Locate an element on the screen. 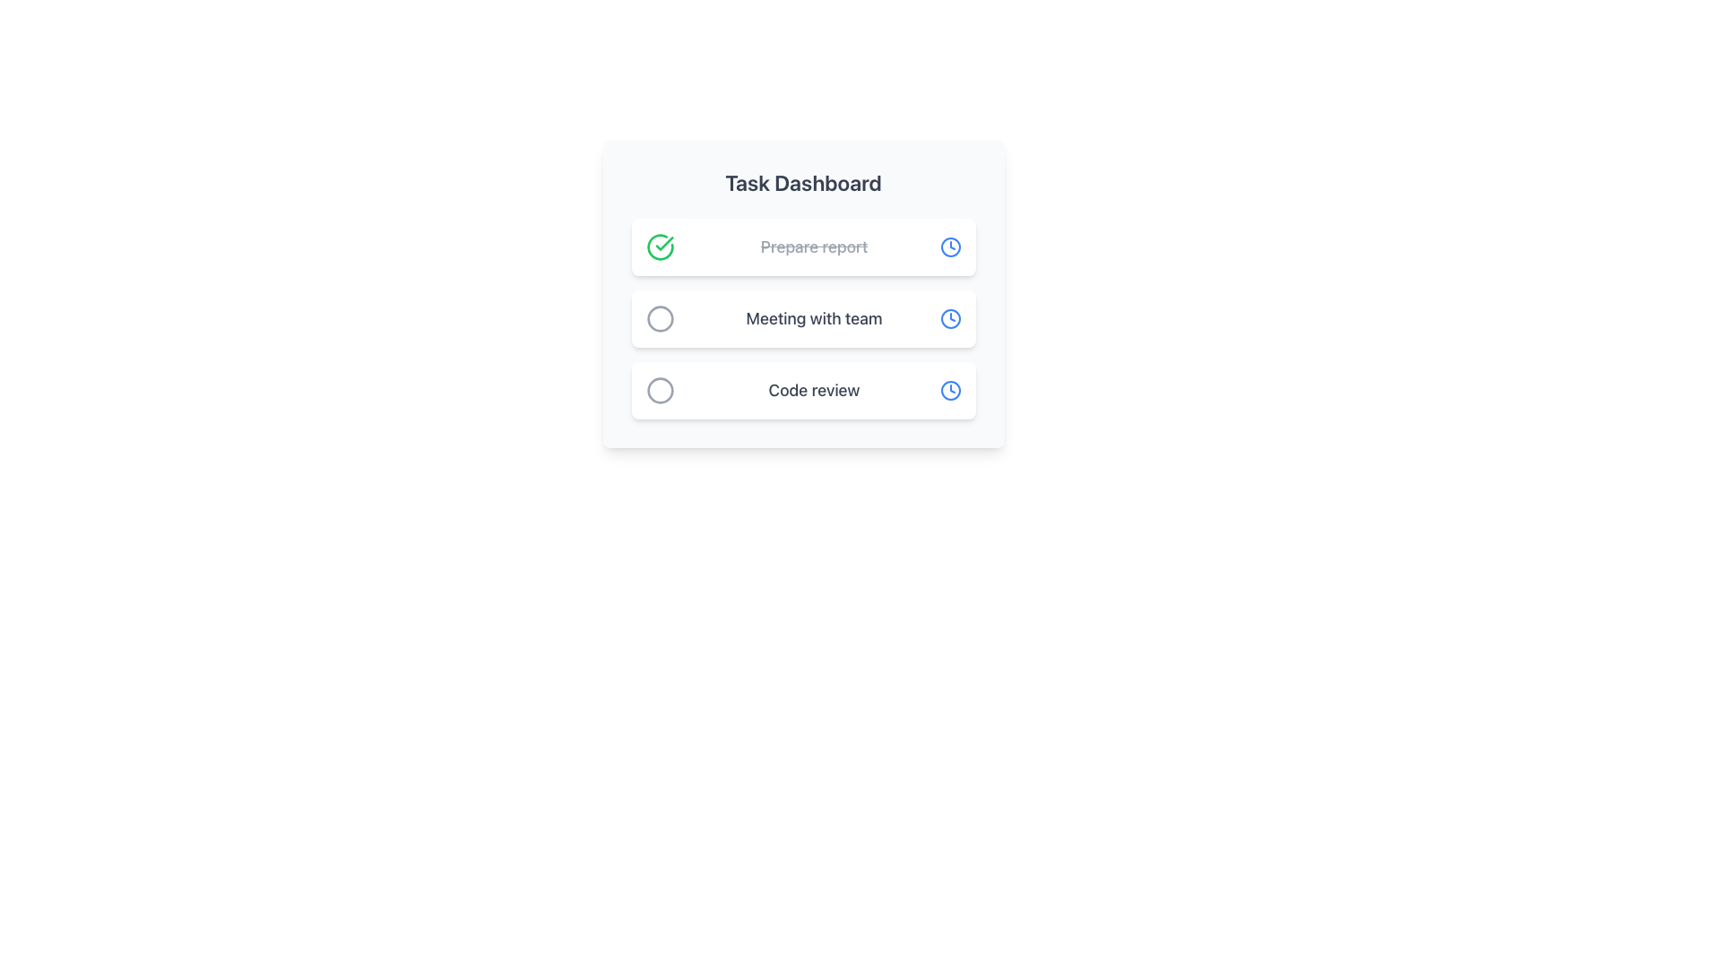 The height and width of the screenshot is (968, 1721). the text label reading 'Code review', which is styled with a medium font size and gray color, located on the right side of a circular checkbox in a vertically aligned task list is located at coordinates (813, 389).